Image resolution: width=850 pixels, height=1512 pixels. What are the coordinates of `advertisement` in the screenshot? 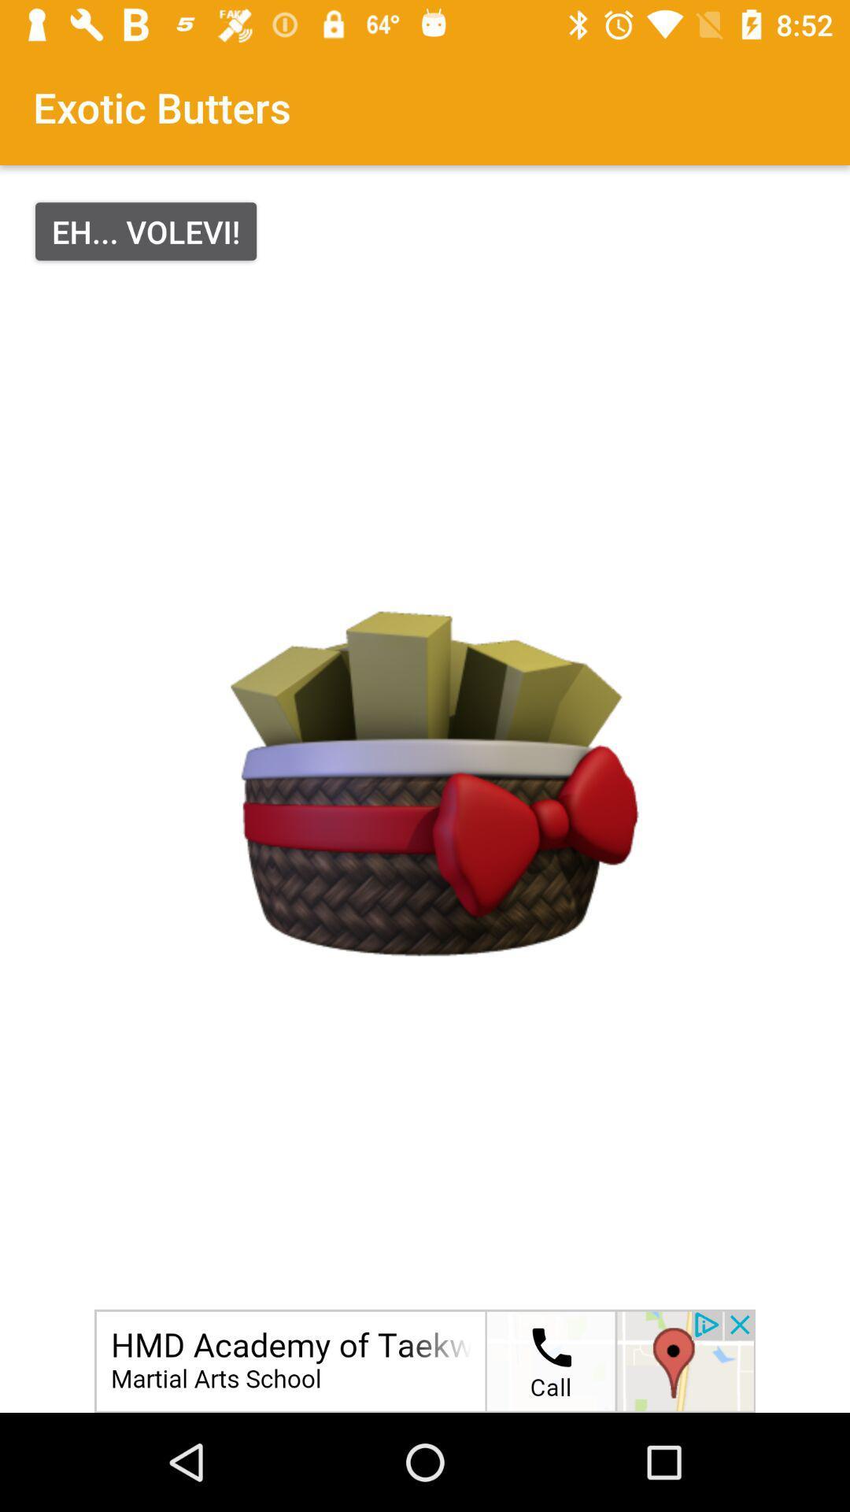 It's located at (425, 1360).